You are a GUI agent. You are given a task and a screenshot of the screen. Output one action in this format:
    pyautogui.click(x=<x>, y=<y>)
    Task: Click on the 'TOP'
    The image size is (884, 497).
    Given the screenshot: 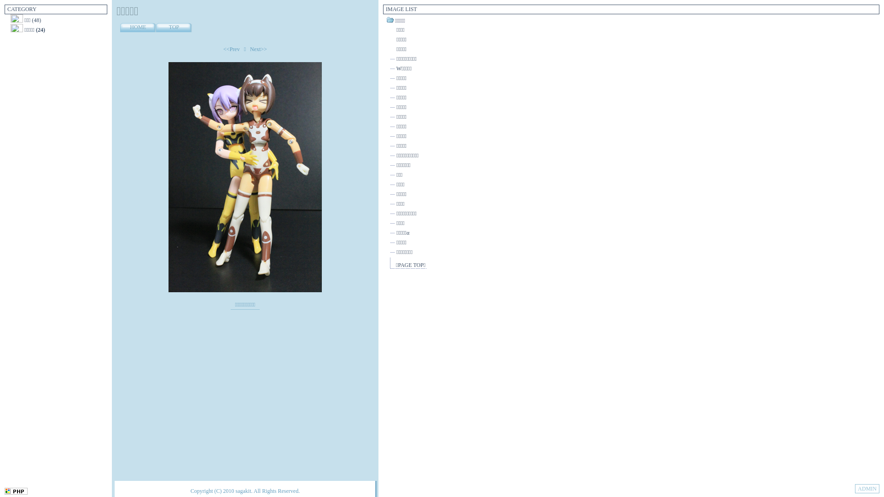 What is the action you would take?
    pyautogui.click(x=174, y=27)
    